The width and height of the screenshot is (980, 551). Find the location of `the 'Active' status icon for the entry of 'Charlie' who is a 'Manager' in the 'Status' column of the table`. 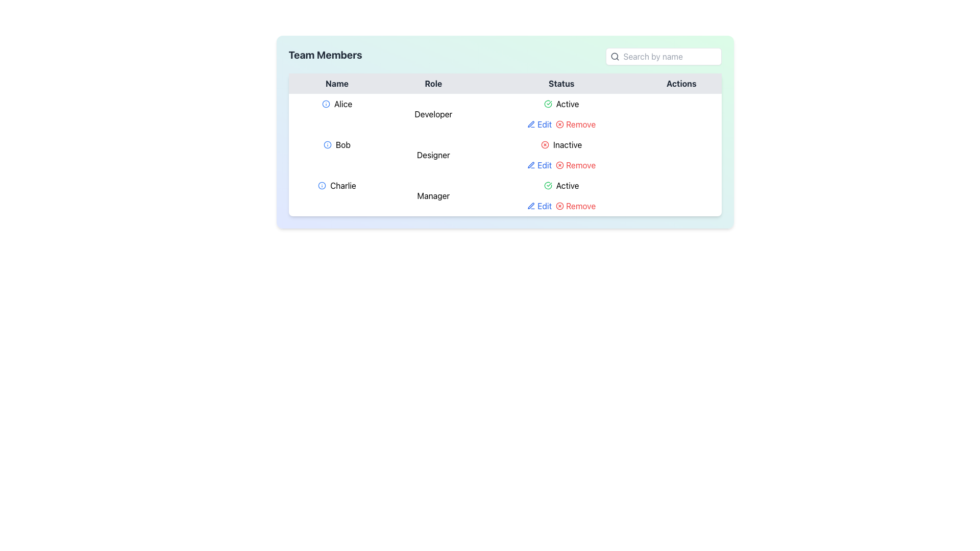

the 'Active' status icon for the entry of 'Charlie' who is a 'Manager' in the 'Status' column of the table is located at coordinates (547, 185).